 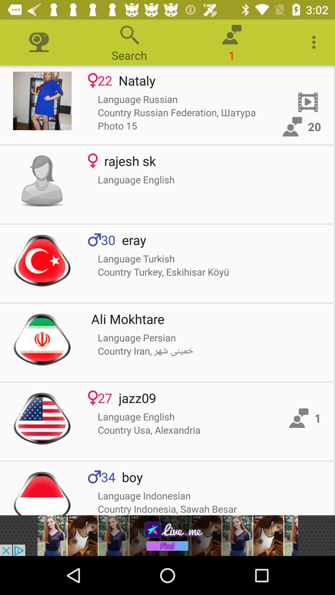 What do you see at coordinates (42, 260) in the screenshot?
I see `view` at bounding box center [42, 260].